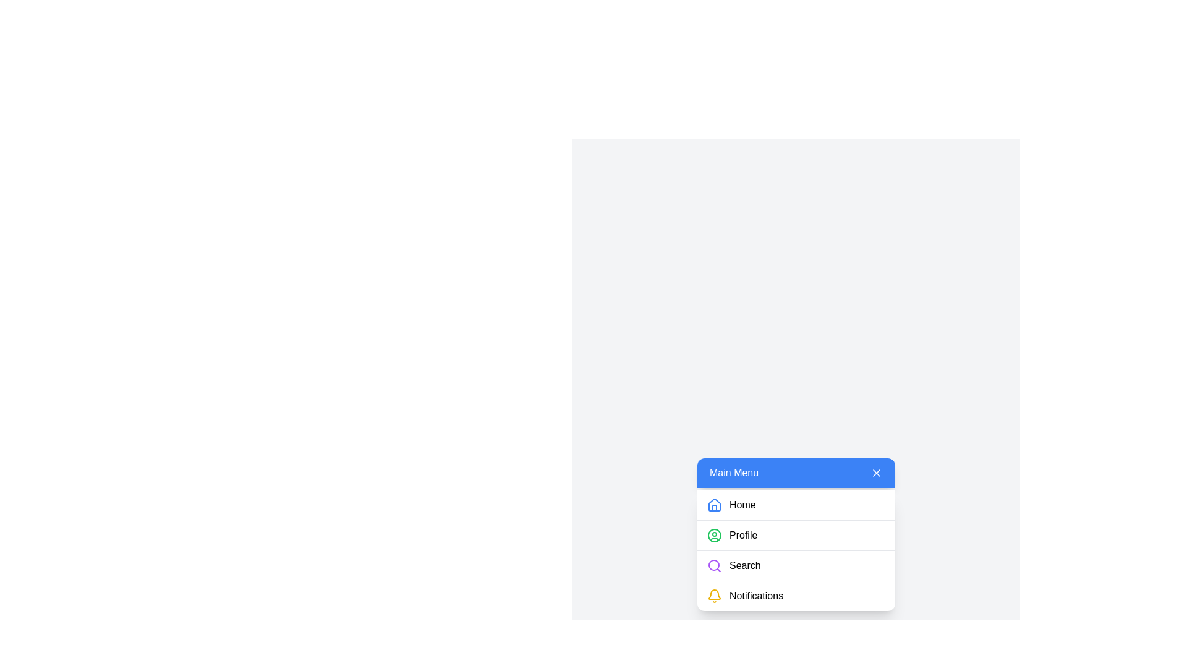 Image resolution: width=1187 pixels, height=668 pixels. I want to click on the 'Search' icon located in the third item of the vertical menu in the 'Main Menu', so click(715, 565).